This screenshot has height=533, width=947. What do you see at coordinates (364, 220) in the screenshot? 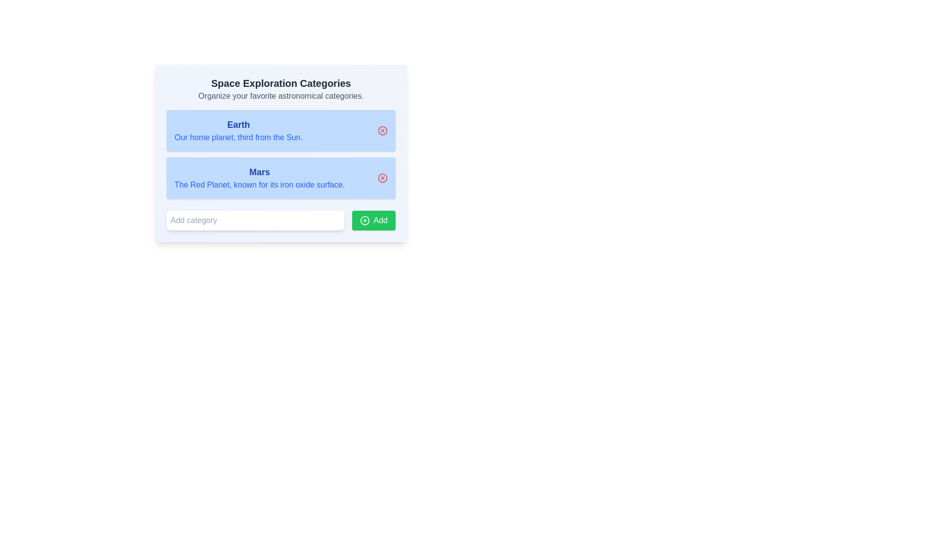
I see `the icon inside the green rectangular button` at bounding box center [364, 220].